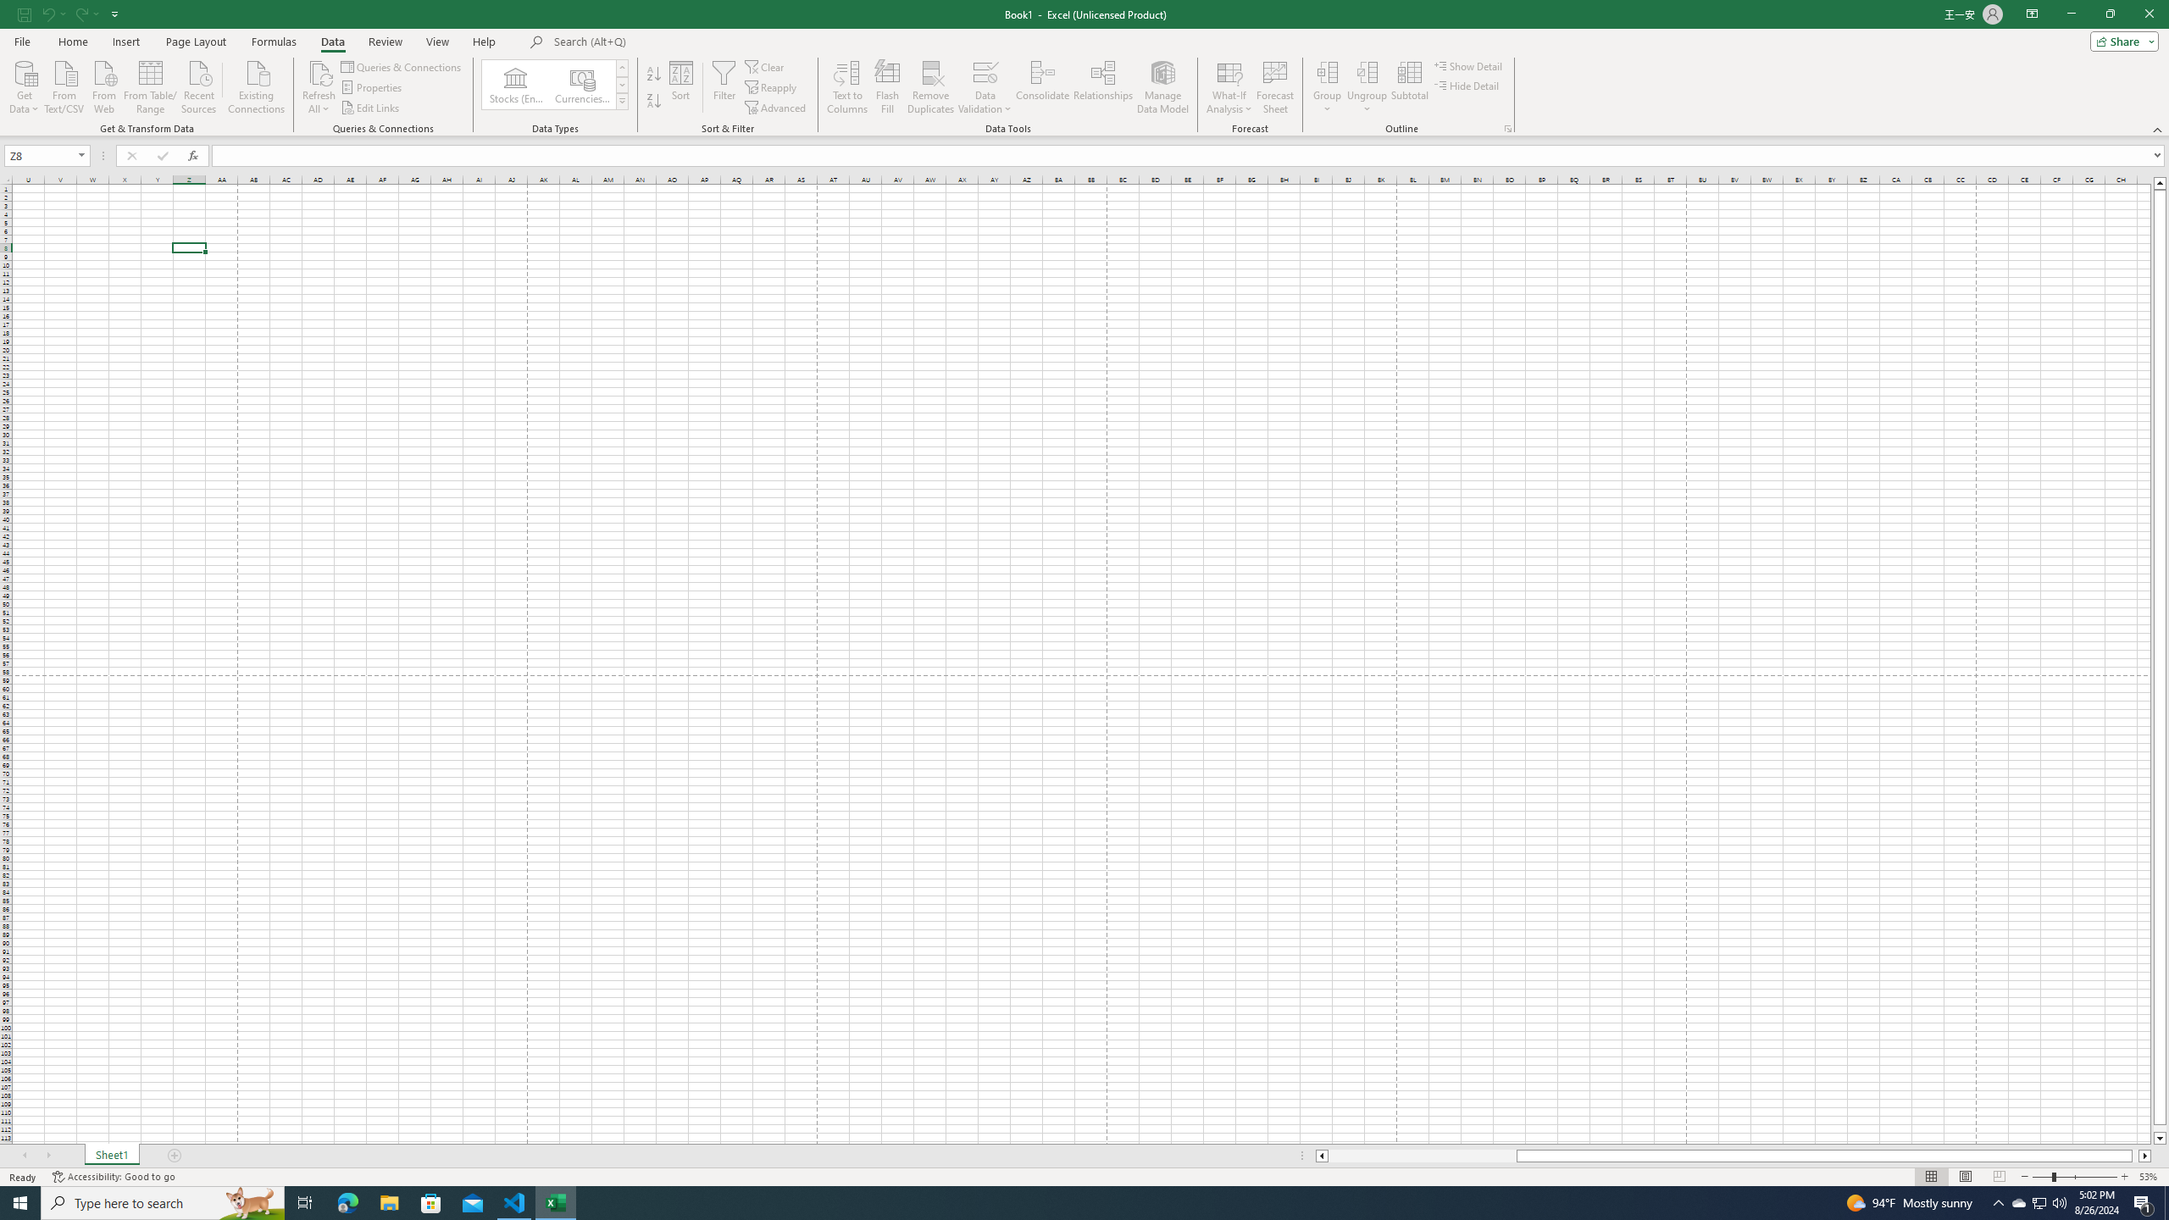 The image size is (2169, 1220). I want to click on 'Sort...', so click(680, 87).